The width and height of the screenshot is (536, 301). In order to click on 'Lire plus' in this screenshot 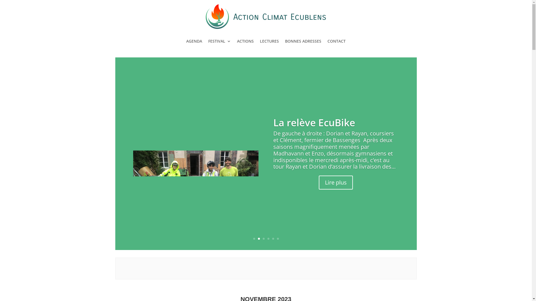, I will do `click(319, 187)`.